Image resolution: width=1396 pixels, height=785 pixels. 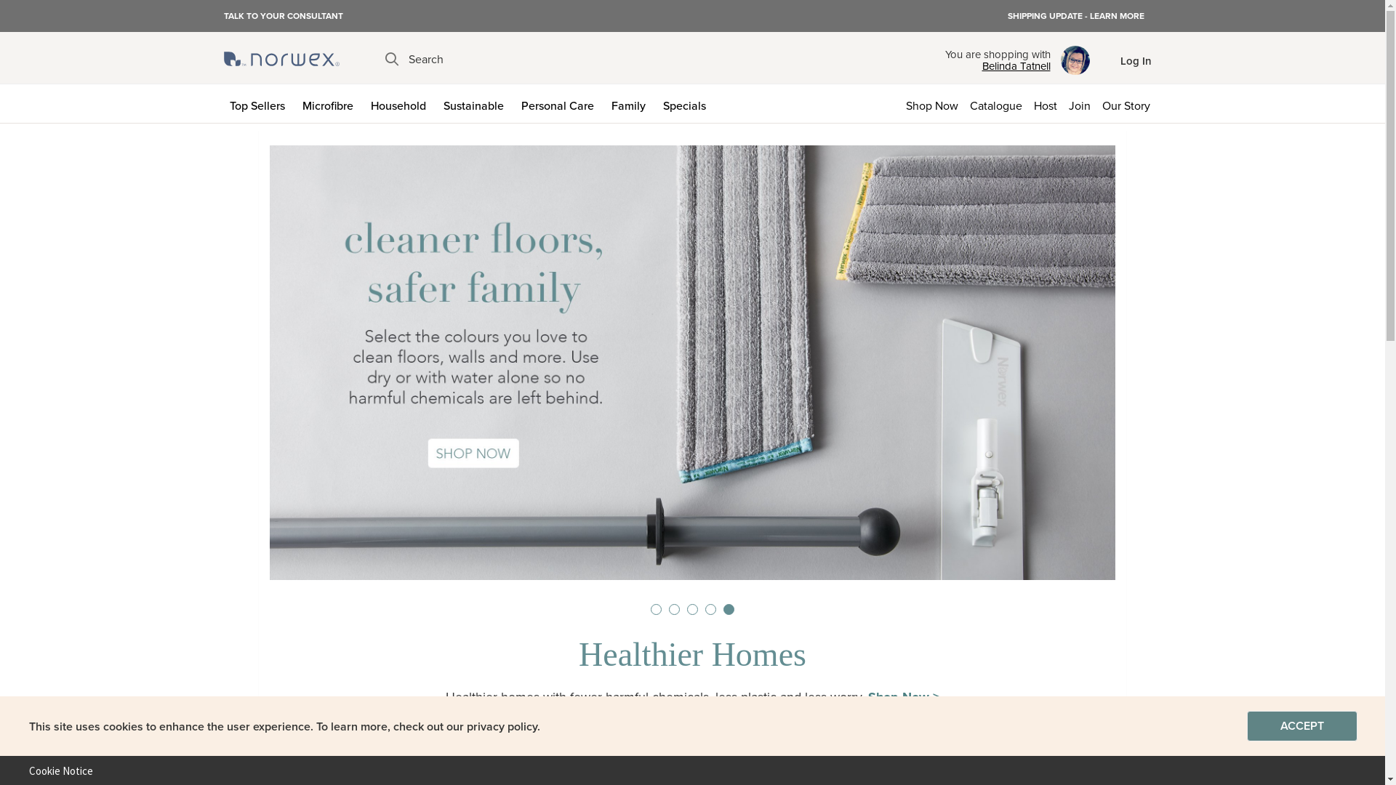 What do you see at coordinates (1079, 102) in the screenshot?
I see `'Join'` at bounding box center [1079, 102].